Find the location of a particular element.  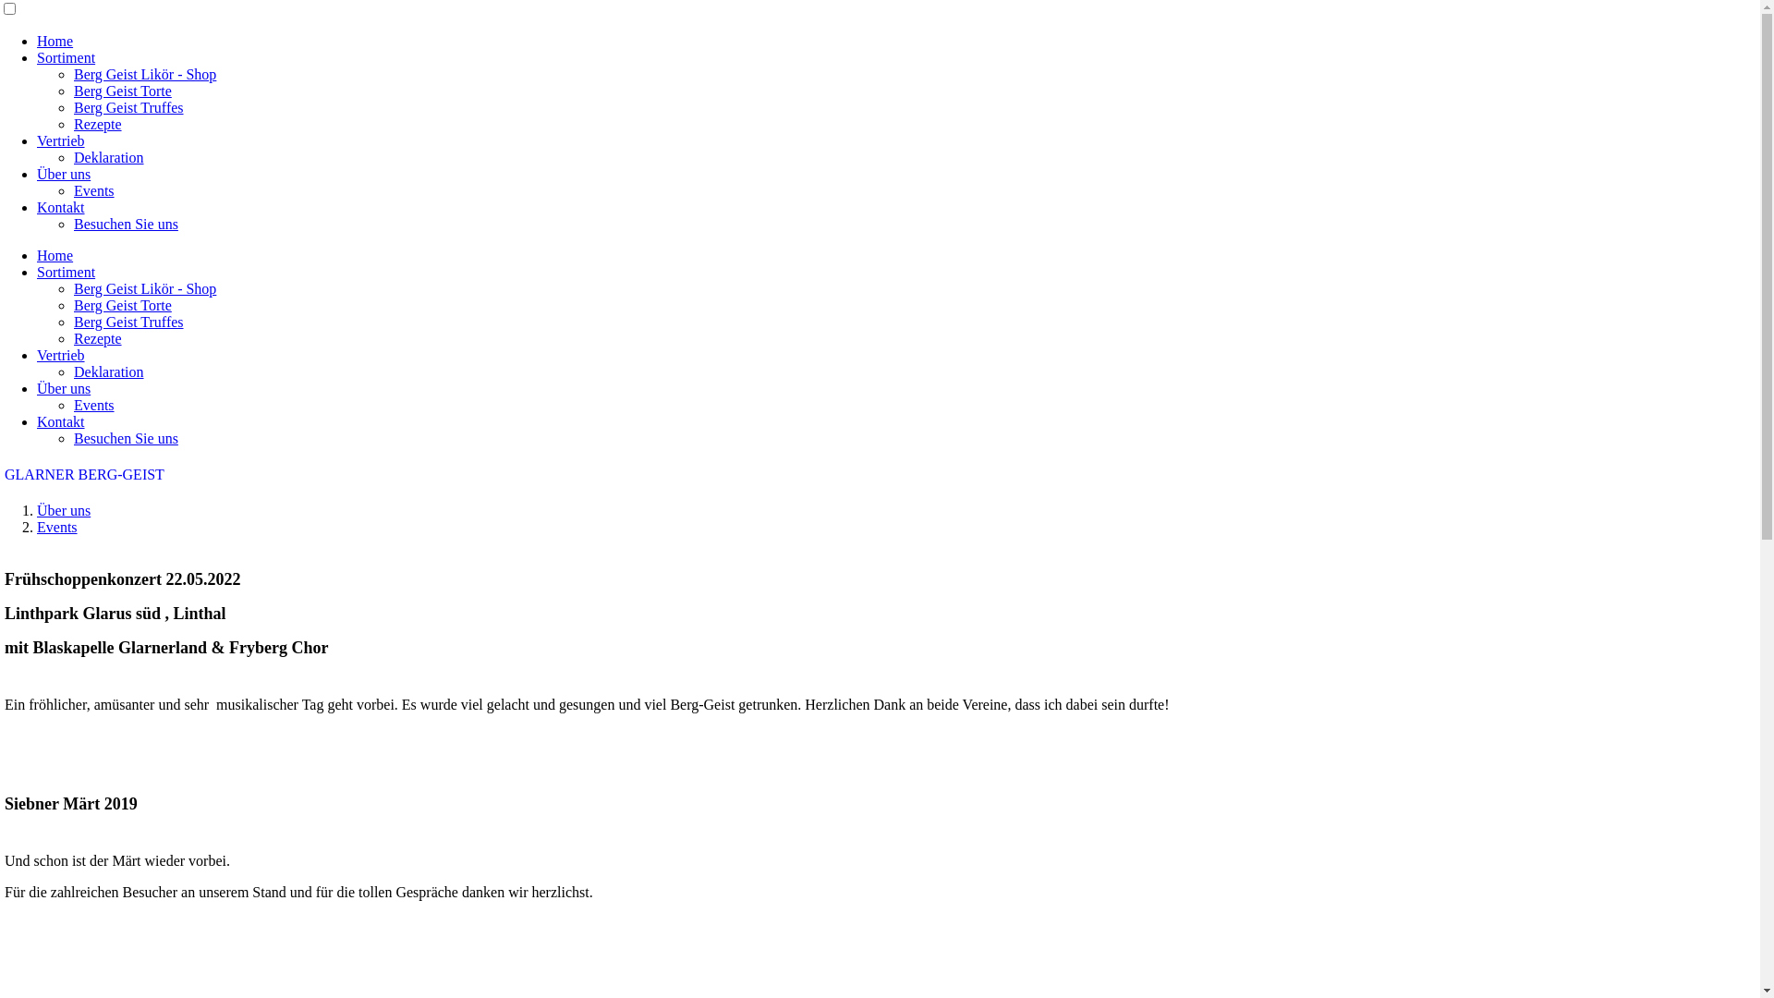

'GLARNER BERG-GEIST' is located at coordinates (83, 473).